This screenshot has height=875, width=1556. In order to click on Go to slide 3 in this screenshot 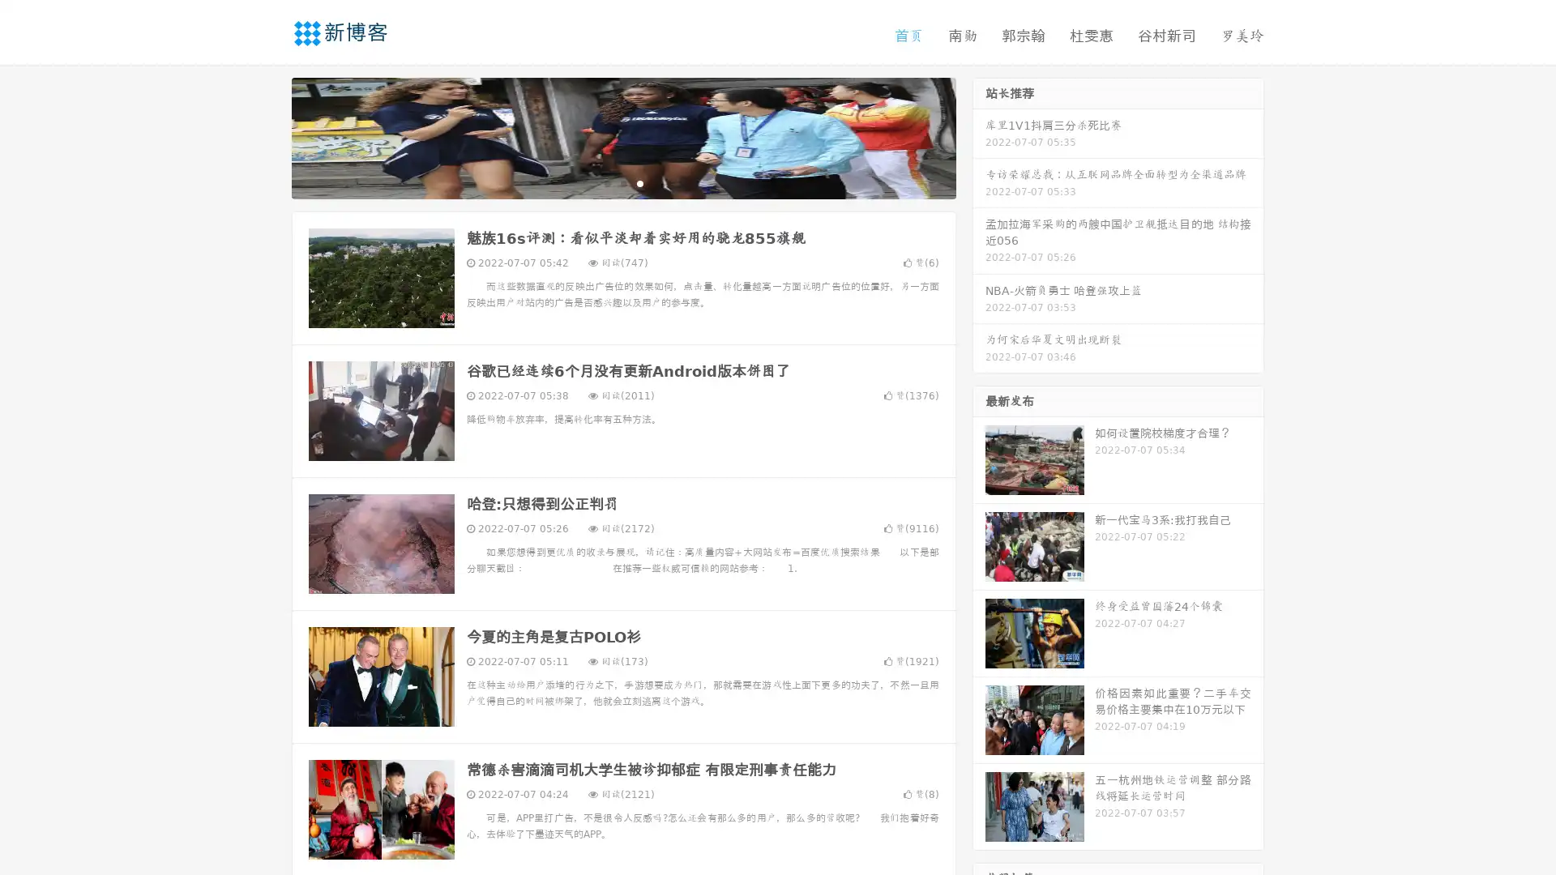, I will do `click(639, 182)`.